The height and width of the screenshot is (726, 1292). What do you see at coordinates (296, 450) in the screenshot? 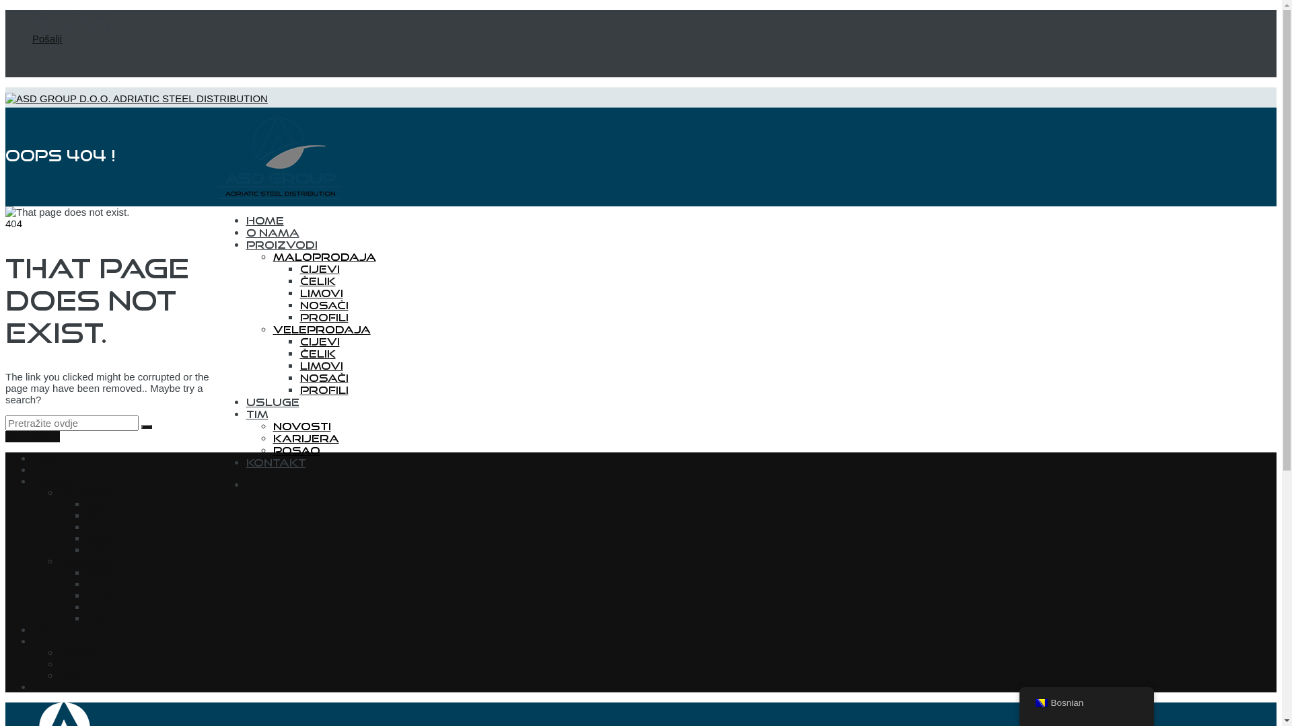
I see `'Posao'` at bounding box center [296, 450].